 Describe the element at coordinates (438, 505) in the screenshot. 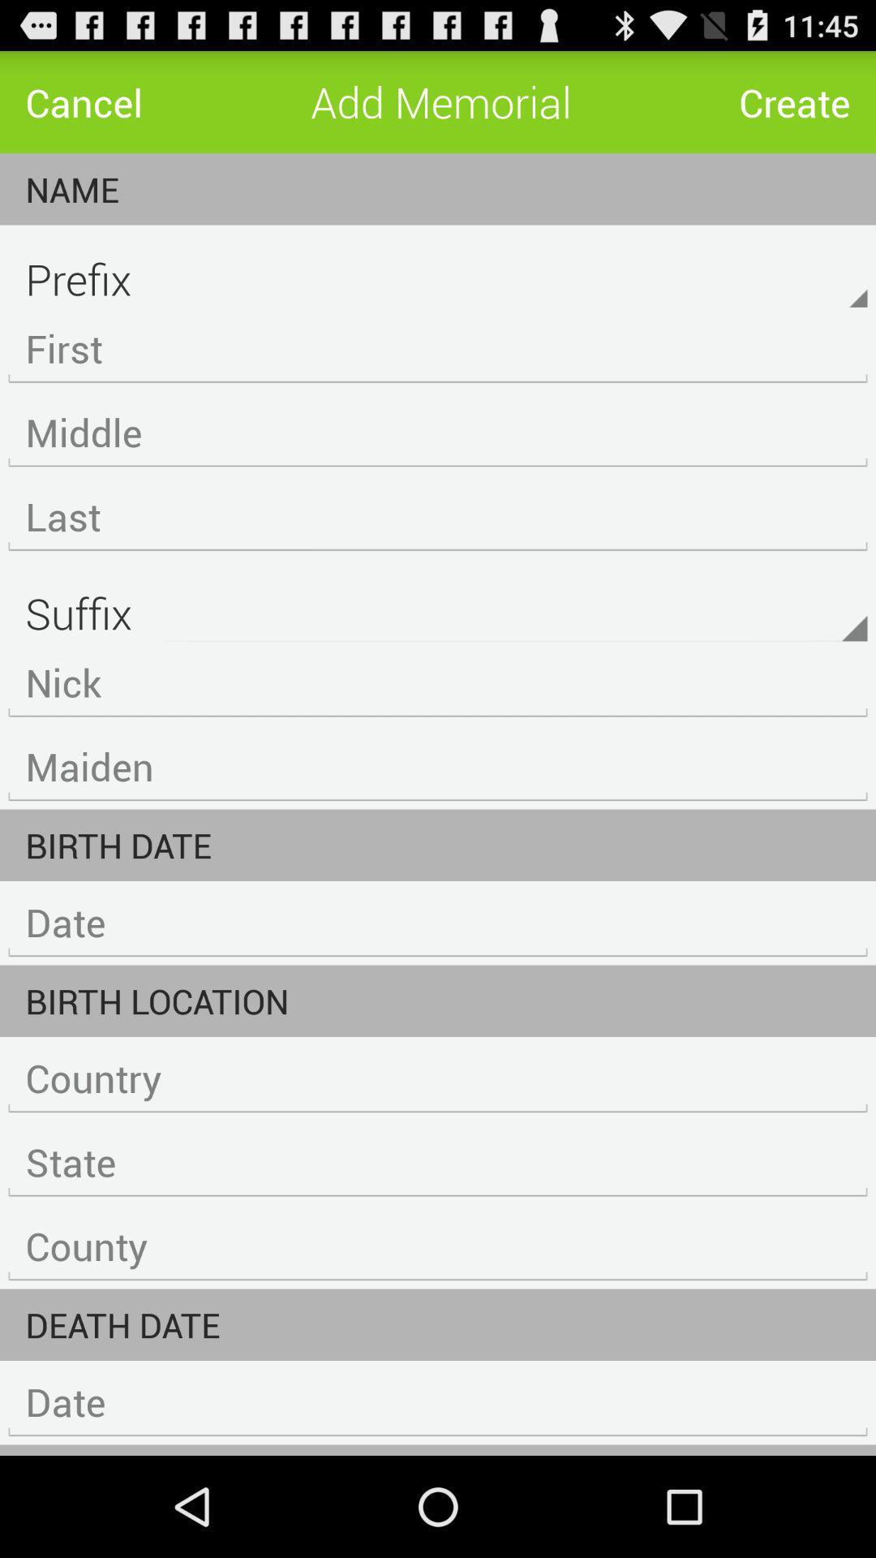

I see `the minus icon` at that location.